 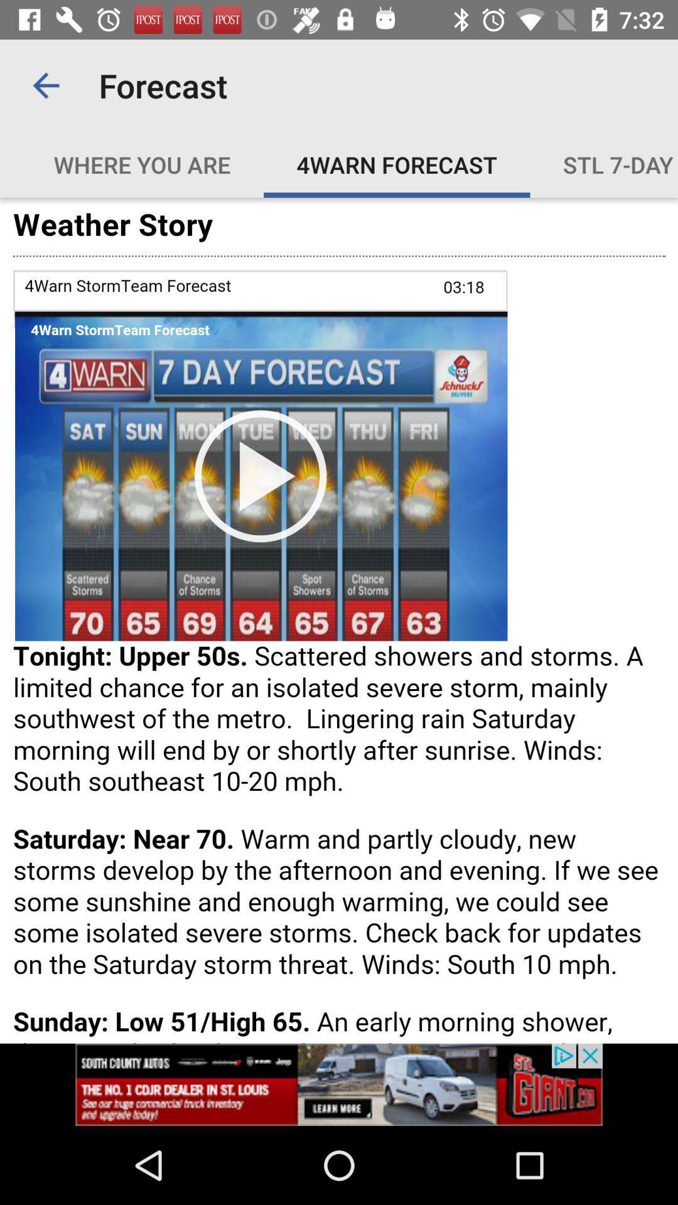 What do you see at coordinates (339, 1084) in the screenshot?
I see `advertisement` at bounding box center [339, 1084].